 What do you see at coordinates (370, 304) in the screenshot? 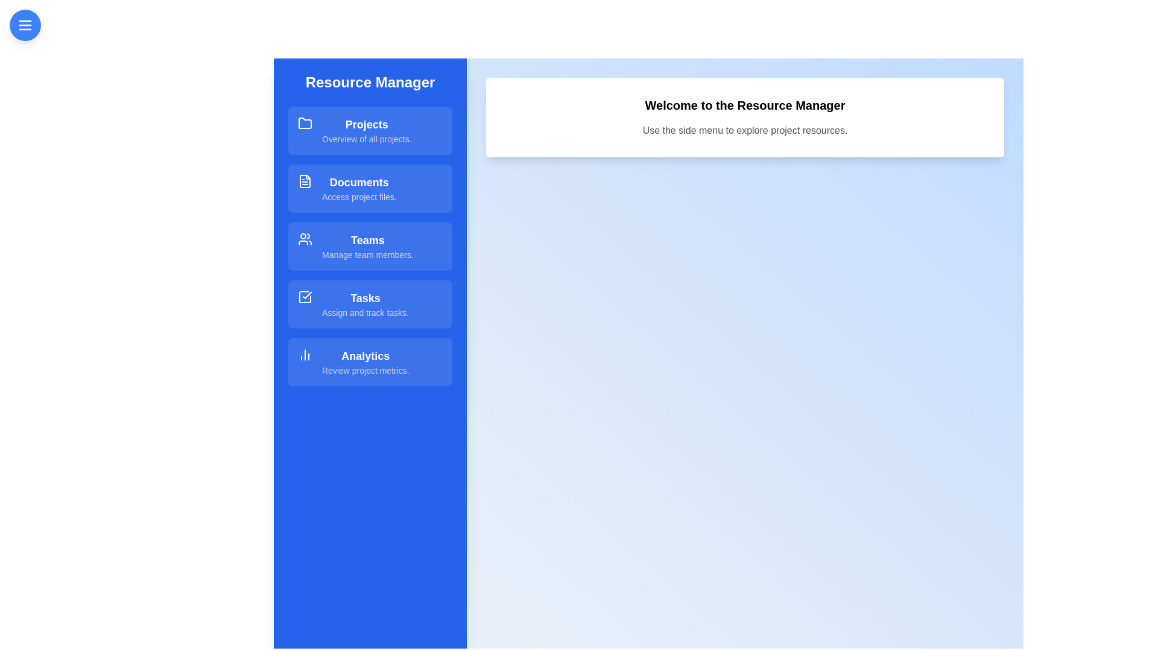
I see `the resource item Tasks to explore its hover effect` at bounding box center [370, 304].